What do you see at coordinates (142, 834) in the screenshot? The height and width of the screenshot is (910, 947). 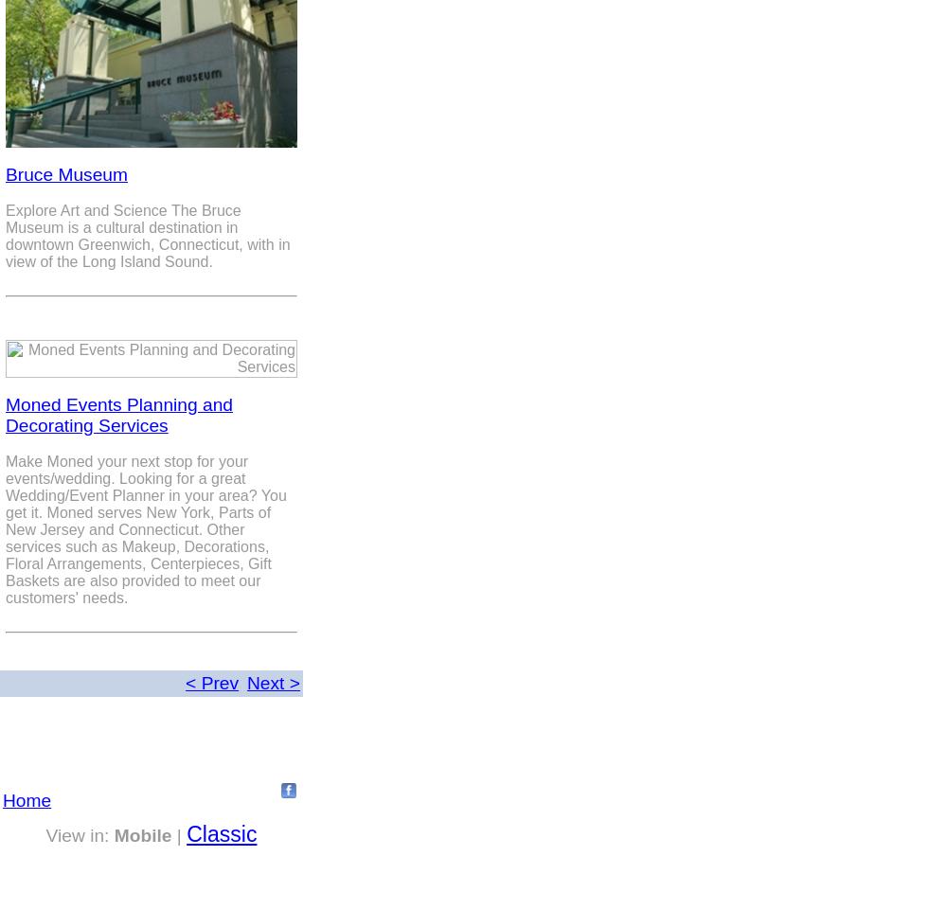 I see `'Mobile'` at bounding box center [142, 834].